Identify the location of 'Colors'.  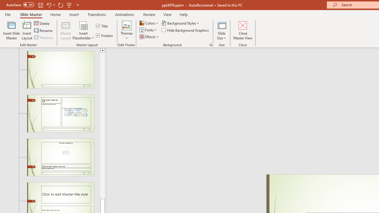
(149, 23).